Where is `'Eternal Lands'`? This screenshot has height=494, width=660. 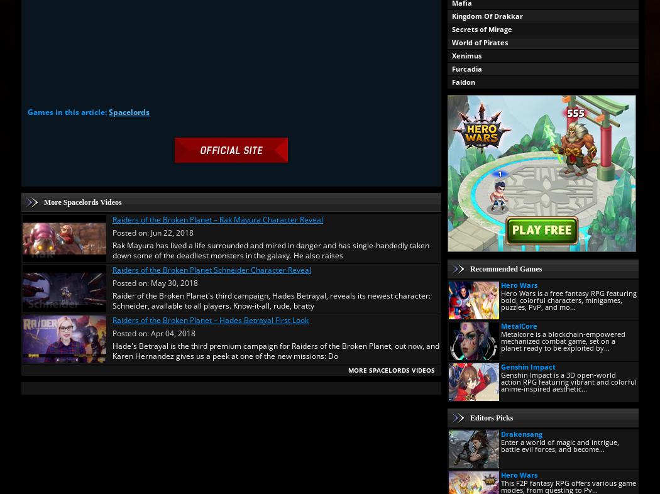 'Eternal Lands' is located at coordinates (451, 319).